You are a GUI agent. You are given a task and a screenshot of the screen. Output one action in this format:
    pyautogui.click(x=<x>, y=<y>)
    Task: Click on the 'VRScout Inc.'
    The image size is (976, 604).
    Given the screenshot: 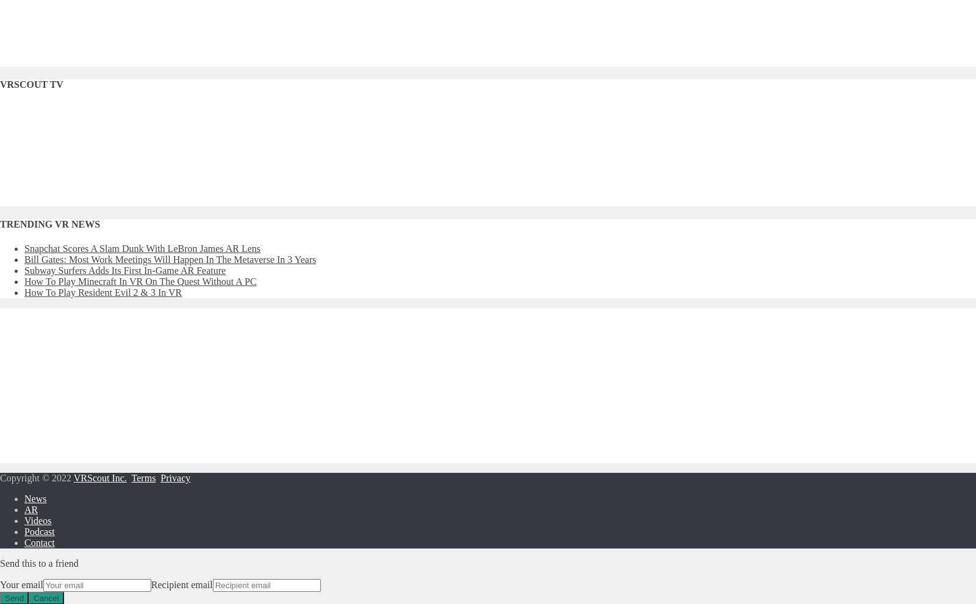 What is the action you would take?
    pyautogui.click(x=99, y=477)
    